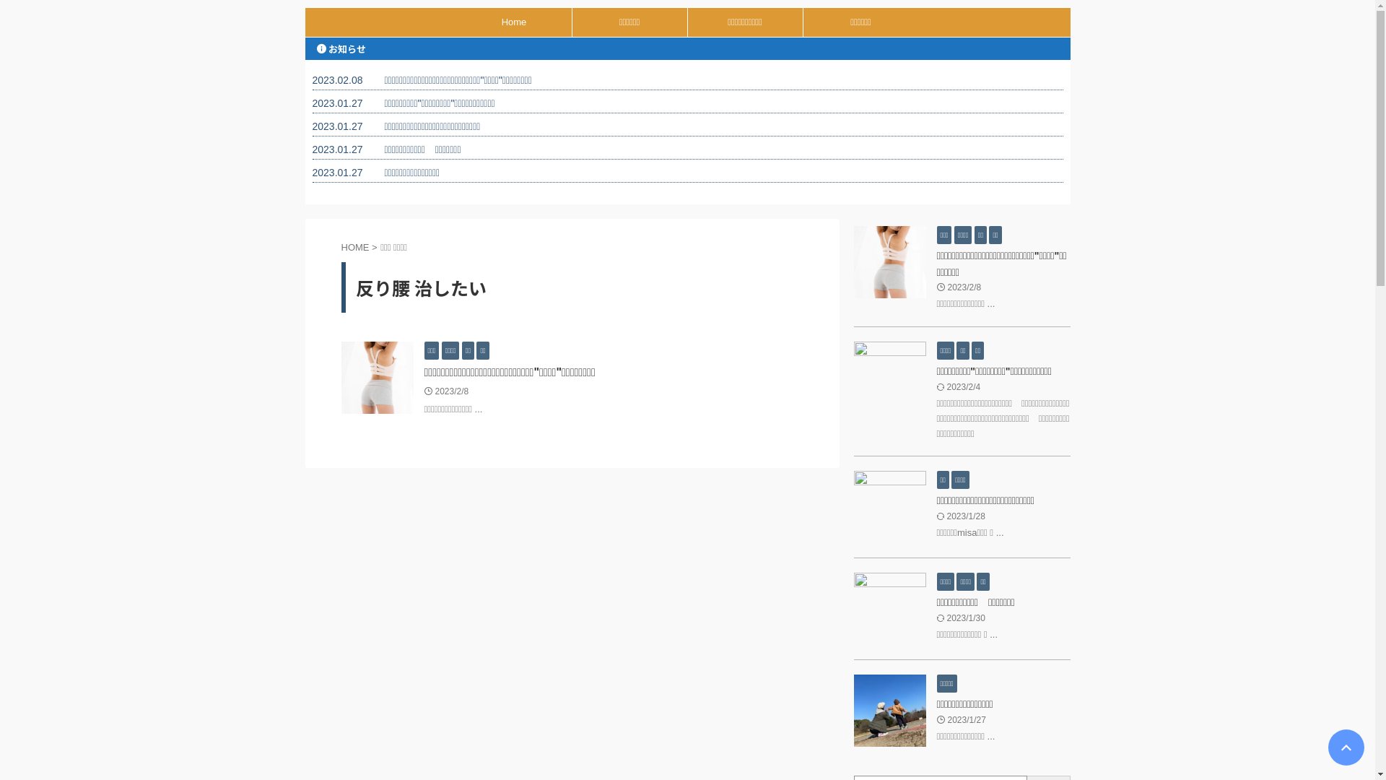 The width and height of the screenshot is (1386, 780). Describe the element at coordinates (354, 246) in the screenshot. I see `'HOME'` at that location.